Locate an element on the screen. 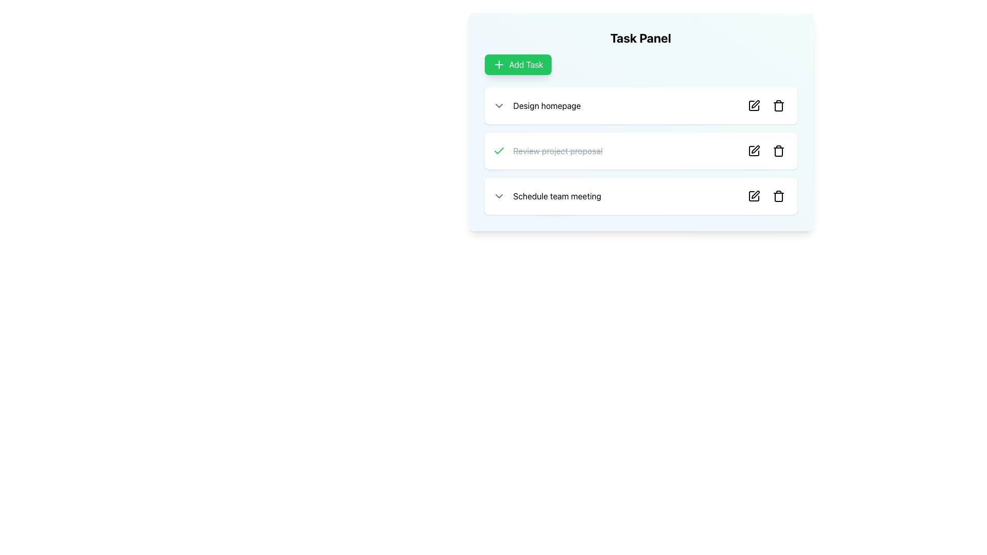 The image size is (987, 555). the 'Task Panel' section with a light gradient background to focus on it is located at coordinates (640, 122).